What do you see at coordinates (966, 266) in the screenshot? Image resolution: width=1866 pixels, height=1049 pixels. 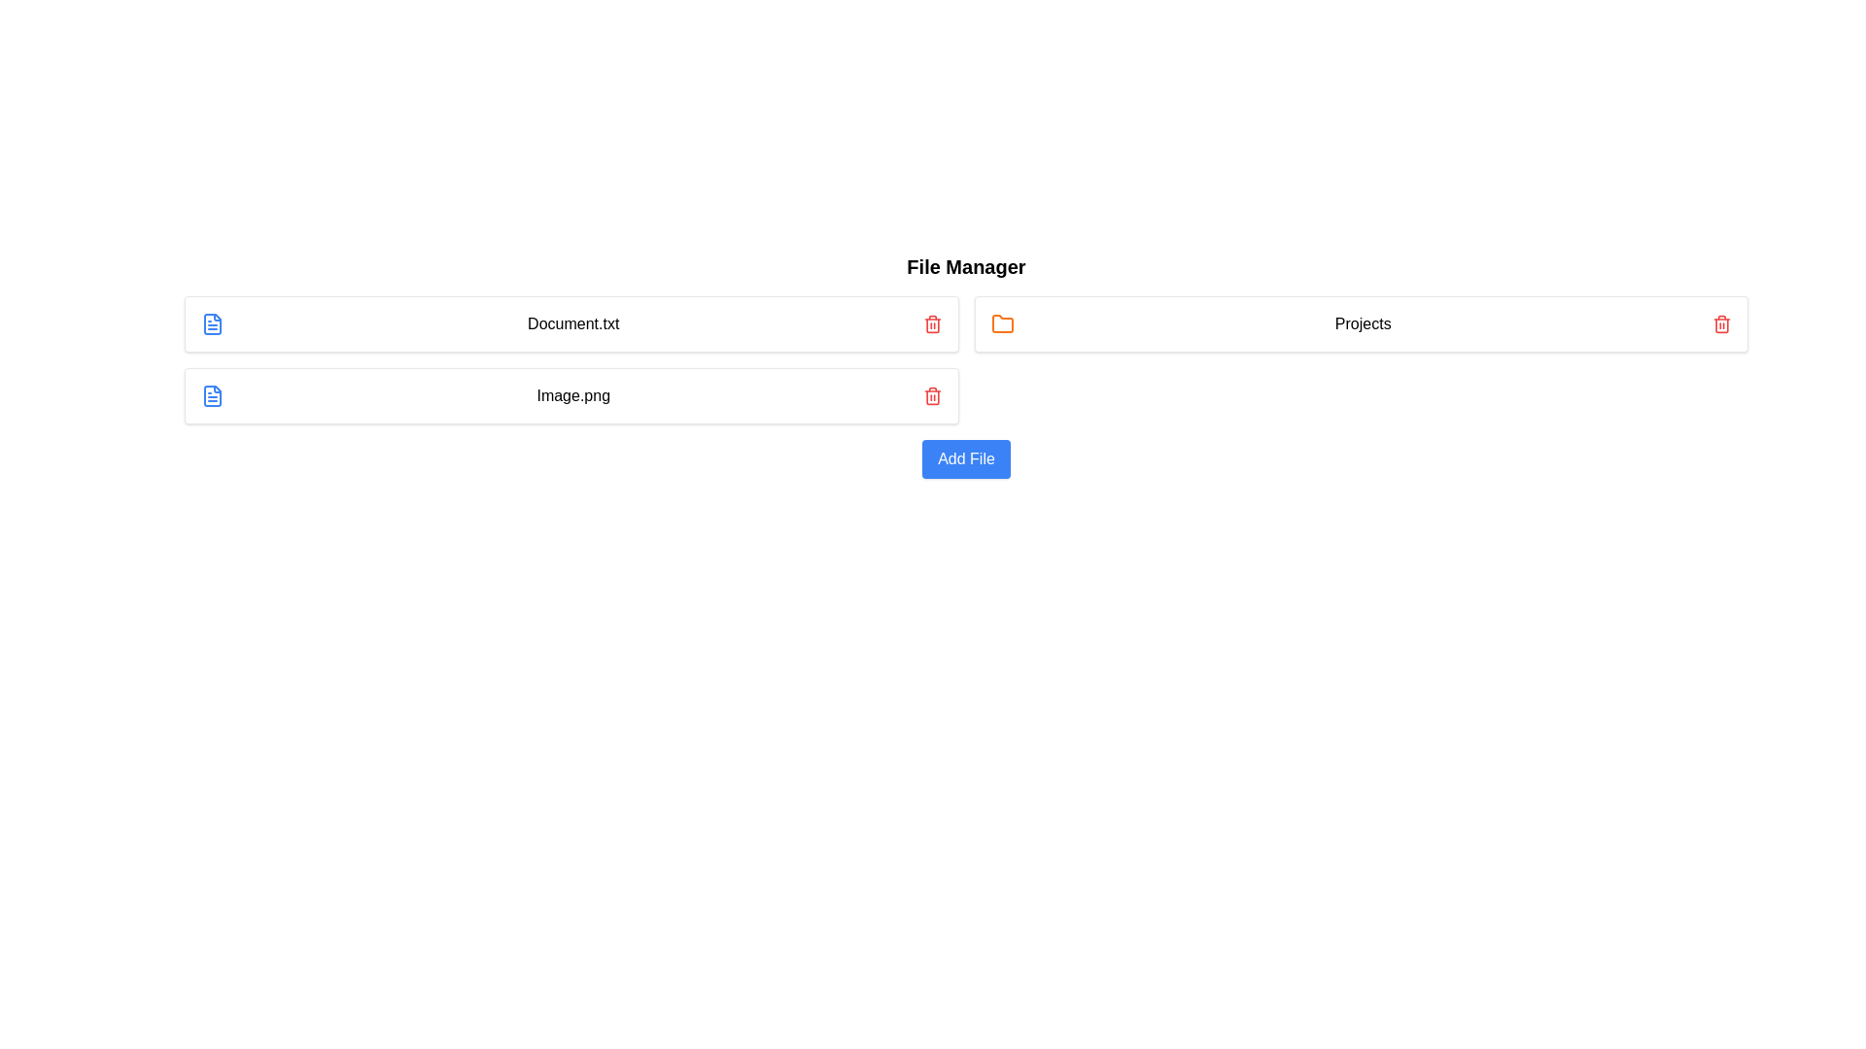 I see `the 'File Manager' text label, which is bold and large, positioned at the upper section of the interface, above other elements` at bounding box center [966, 266].